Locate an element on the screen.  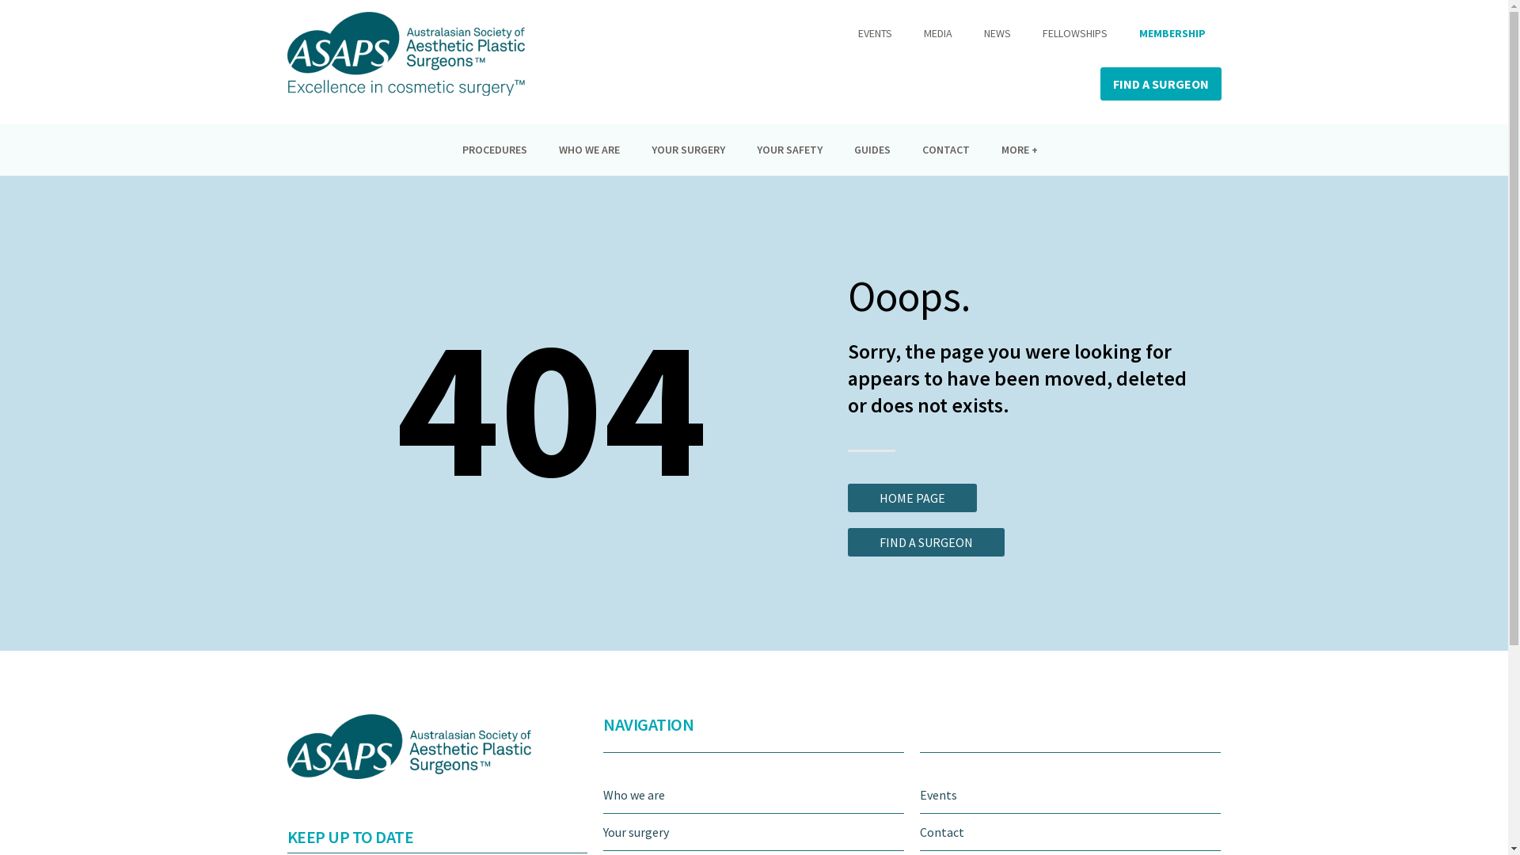
'YOUR SURGERY' is located at coordinates (688, 150).